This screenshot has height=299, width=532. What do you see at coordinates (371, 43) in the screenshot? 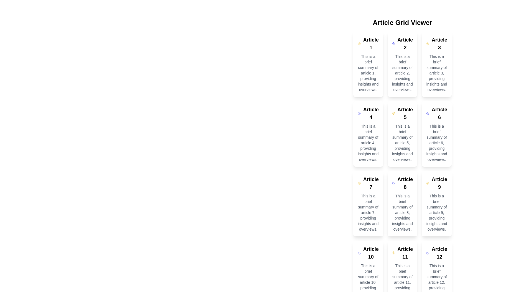
I see `text of the header element that serves as the title for the first article in the grid layout, located in the top-most card of the grid` at bounding box center [371, 43].